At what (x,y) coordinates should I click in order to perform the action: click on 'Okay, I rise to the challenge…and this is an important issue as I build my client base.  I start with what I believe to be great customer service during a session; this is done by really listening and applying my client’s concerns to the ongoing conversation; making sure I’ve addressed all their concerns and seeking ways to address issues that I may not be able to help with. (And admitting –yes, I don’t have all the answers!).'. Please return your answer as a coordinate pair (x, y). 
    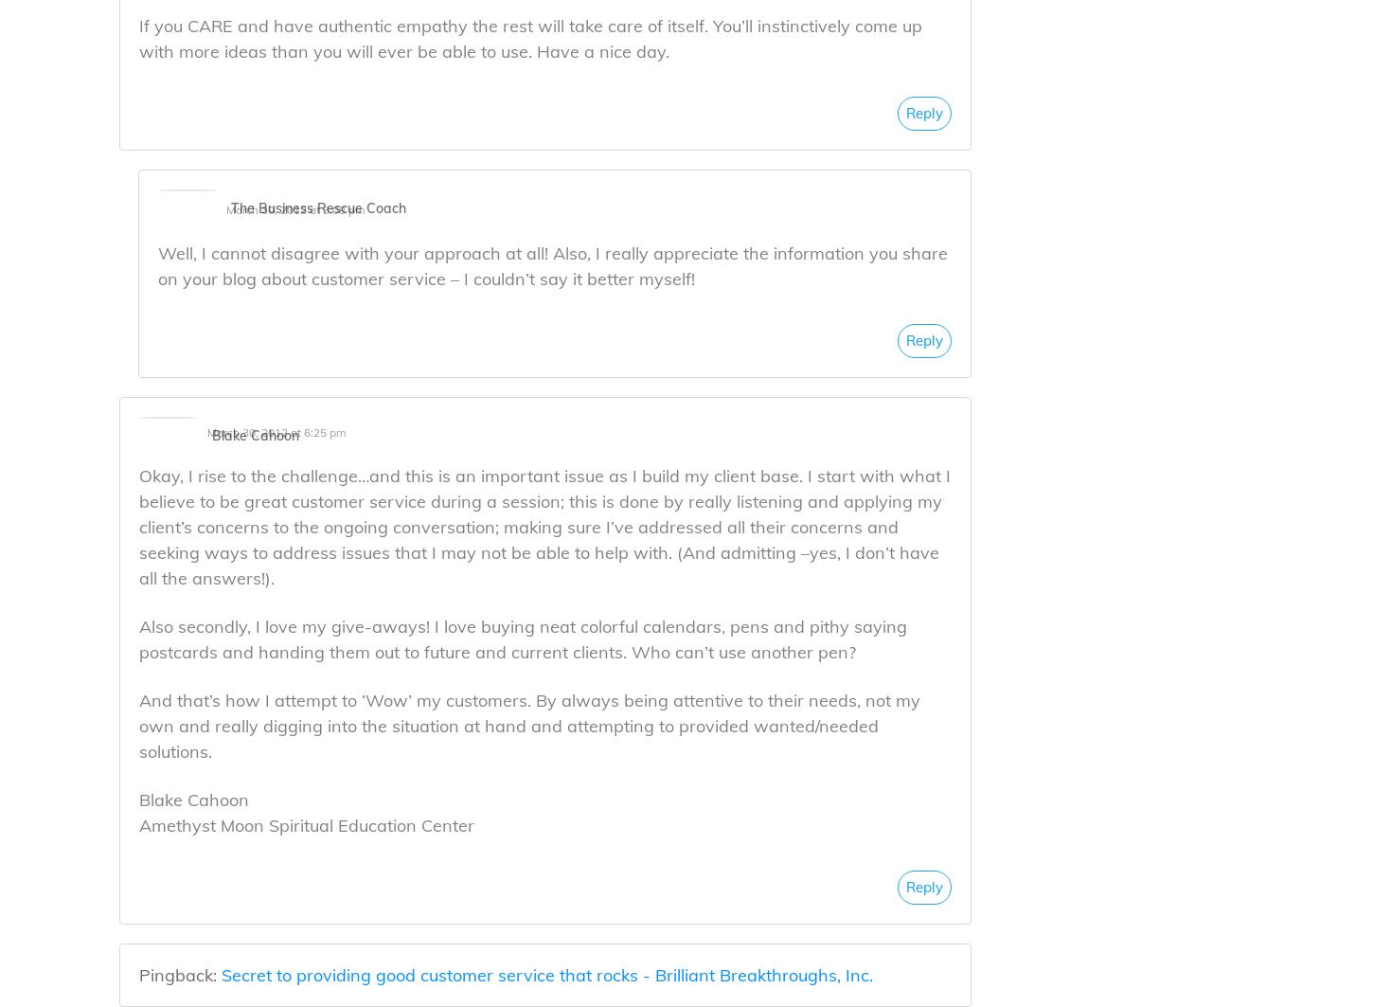
    Looking at the image, I should click on (544, 525).